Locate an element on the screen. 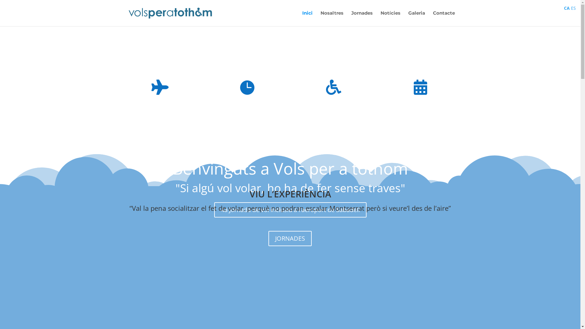  'ES' is located at coordinates (570, 8).